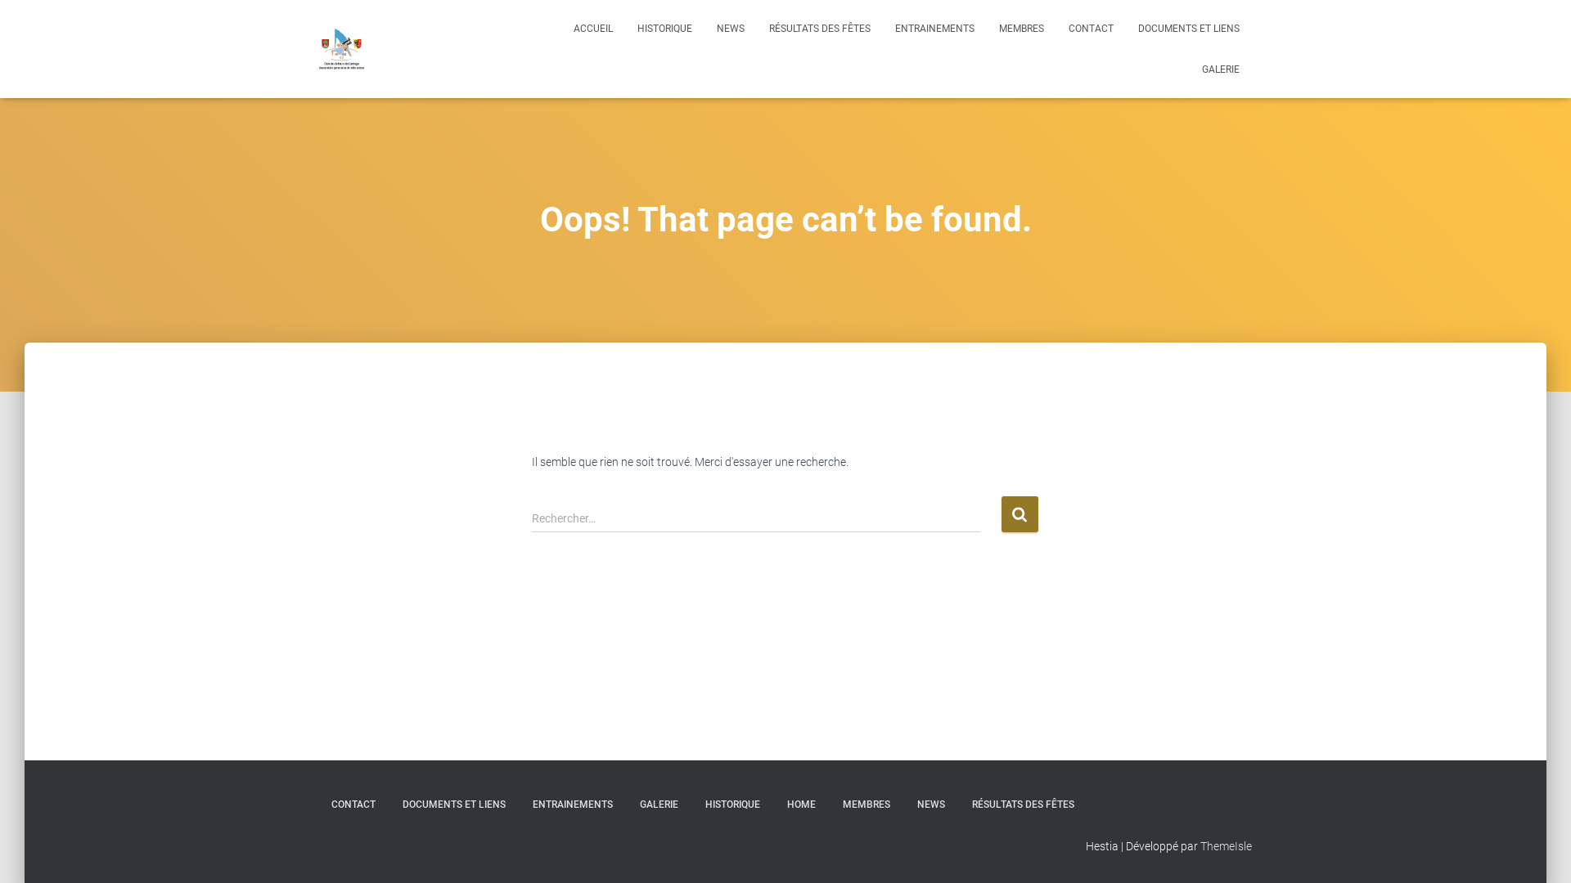 Image resolution: width=1571 pixels, height=883 pixels. I want to click on 'NEWS', so click(729, 28).